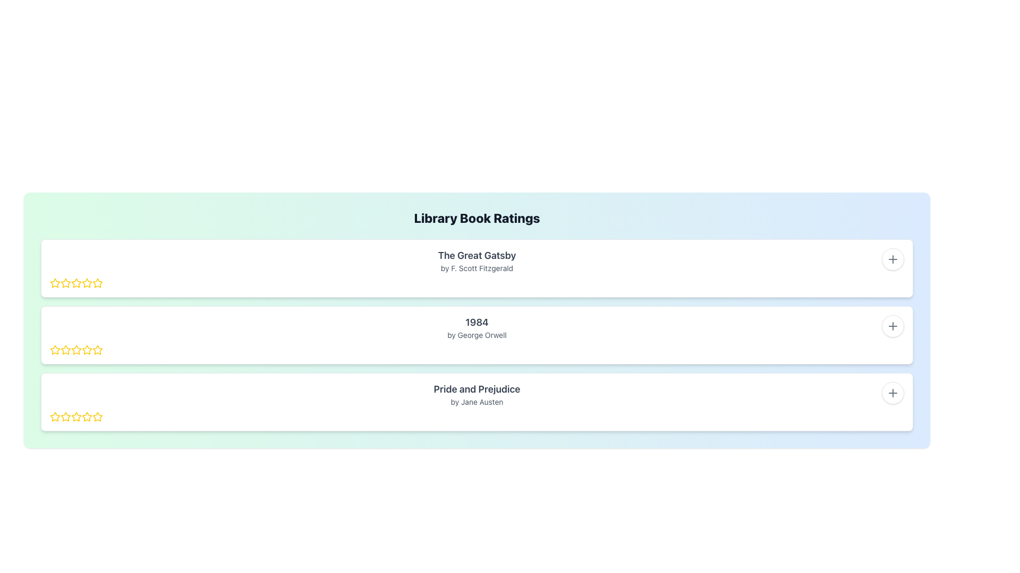 The width and height of the screenshot is (1020, 573). I want to click on the fourth star in the star rating row for the book 'Pride and Prejudice', so click(97, 416).